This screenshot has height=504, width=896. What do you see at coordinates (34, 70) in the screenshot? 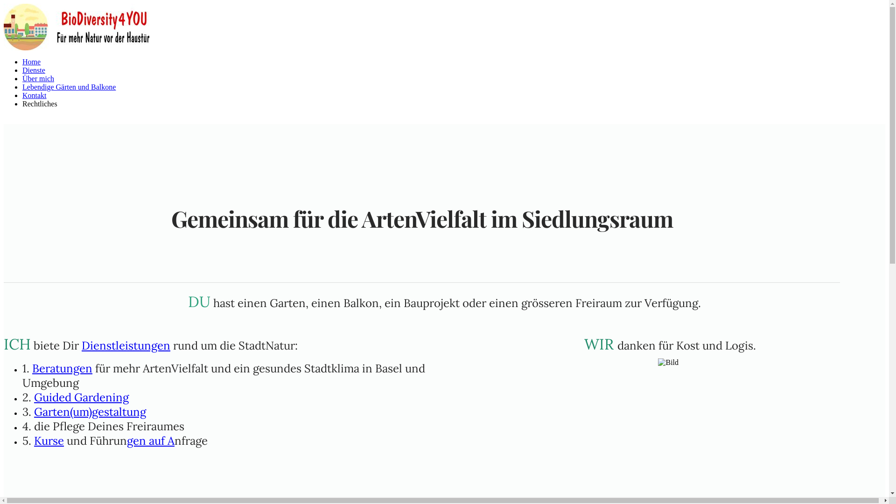
I see `'Dienste'` at bounding box center [34, 70].